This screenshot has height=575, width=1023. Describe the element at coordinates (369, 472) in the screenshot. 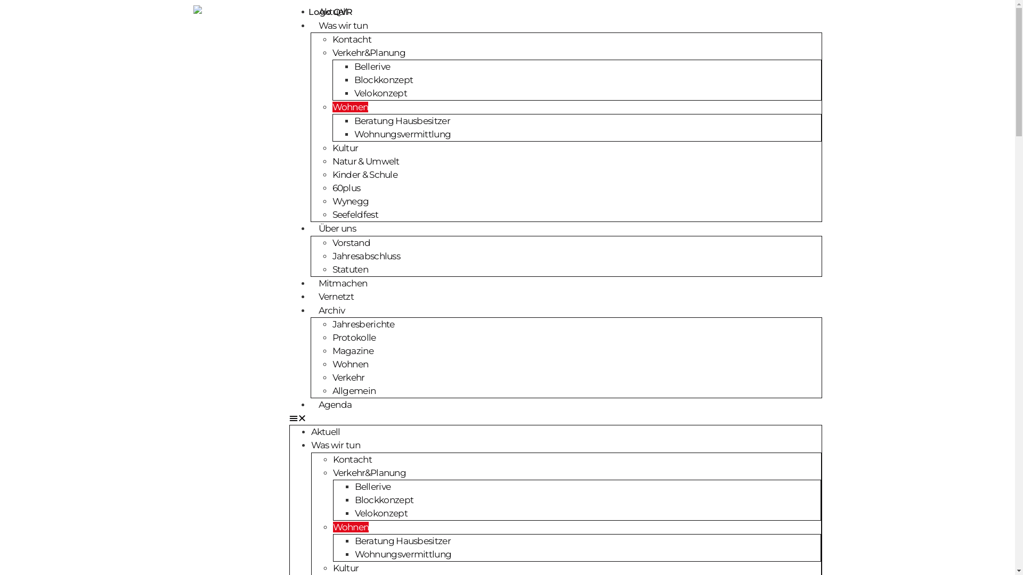

I see `'Verkehr&Planung'` at that location.